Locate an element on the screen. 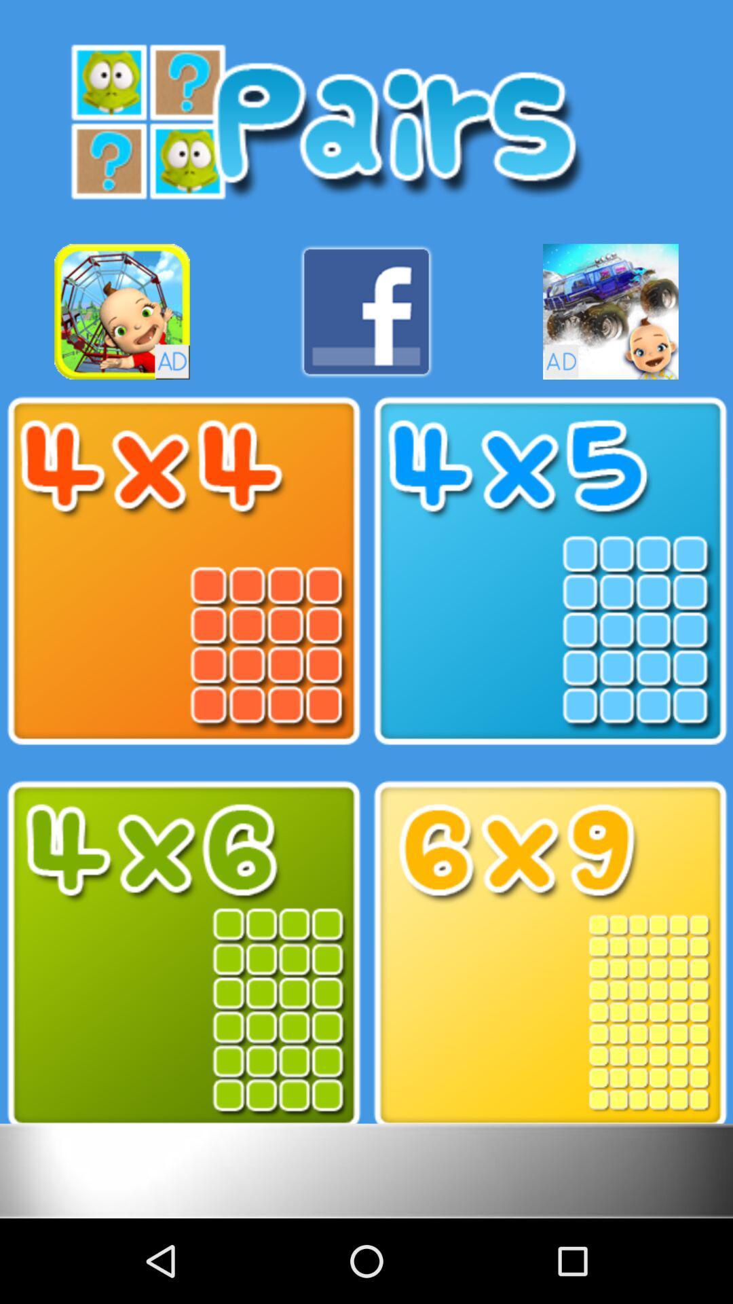 The width and height of the screenshot is (733, 1304). the option is located at coordinates (183, 571).